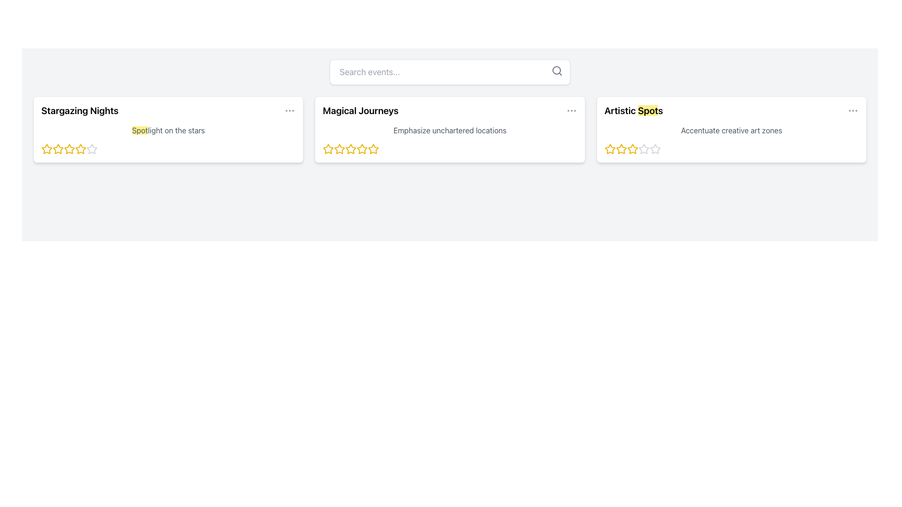  I want to click on text 'Stargazing Nights' which is prominently displayed as the header in the top-left corner of the card layout, so click(80, 110).